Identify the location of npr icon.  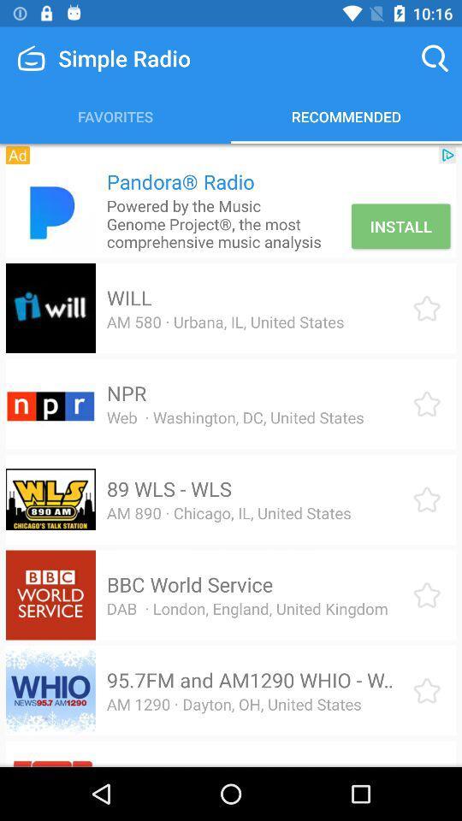
(126, 393).